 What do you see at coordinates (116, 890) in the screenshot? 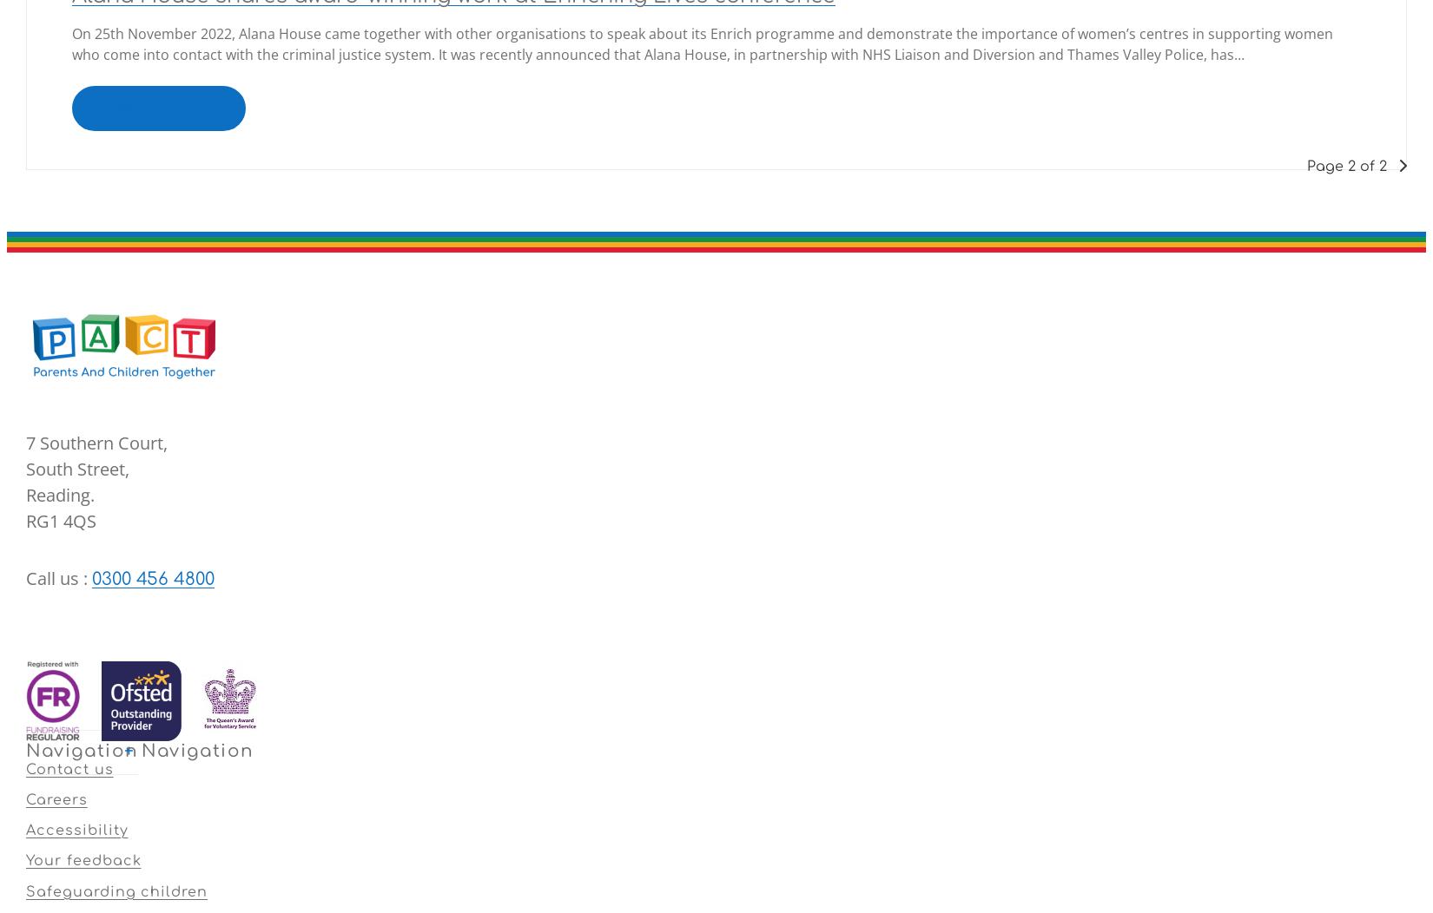
I see `'Safeguarding children'` at bounding box center [116, 890].